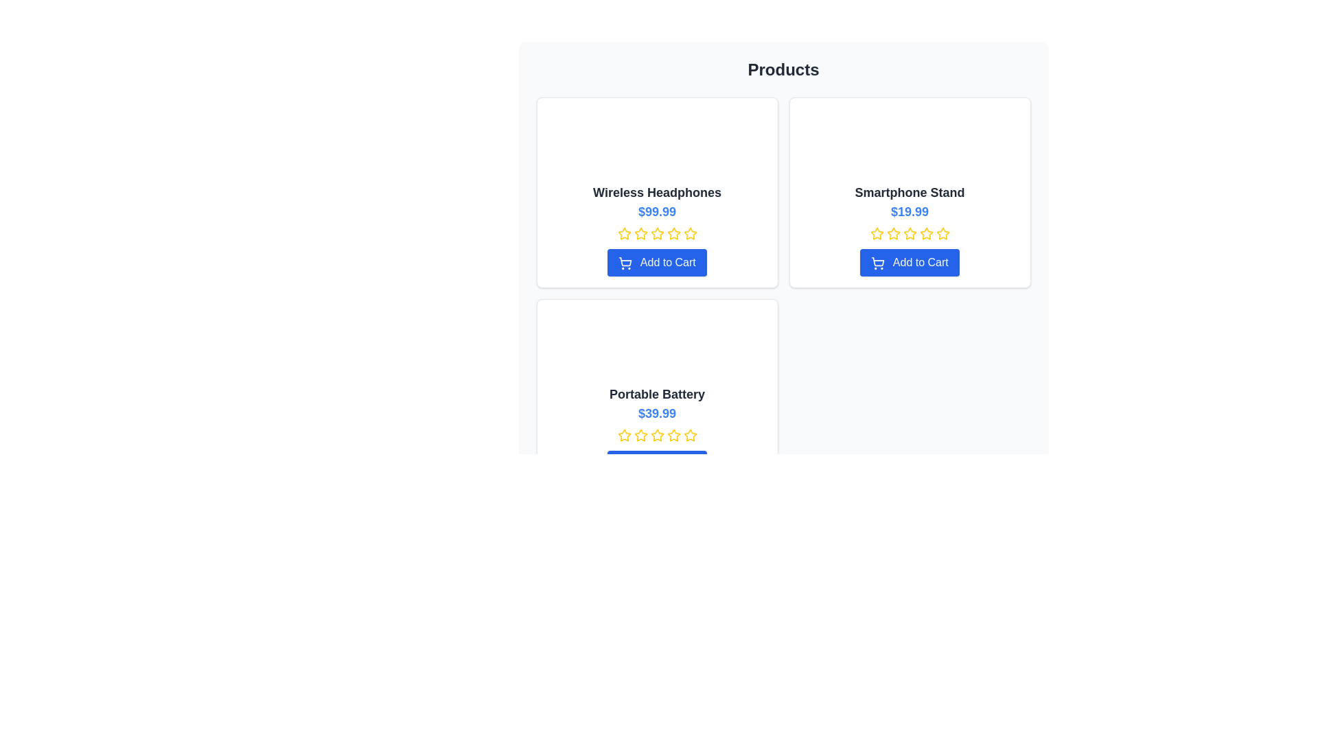  What do you see at coordinates (910, 193) in the screenshot?
I see `the static text label 'Smartphone Stand', which is a bold and larger font heading within the product card layout, situated below the image placeholder and above the price '$19.99'` at bounding box center [910, 193].